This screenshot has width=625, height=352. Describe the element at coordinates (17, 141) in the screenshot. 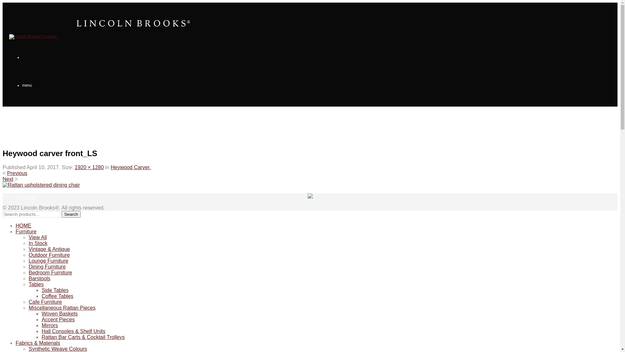

I see `'Furniture'` at that location.